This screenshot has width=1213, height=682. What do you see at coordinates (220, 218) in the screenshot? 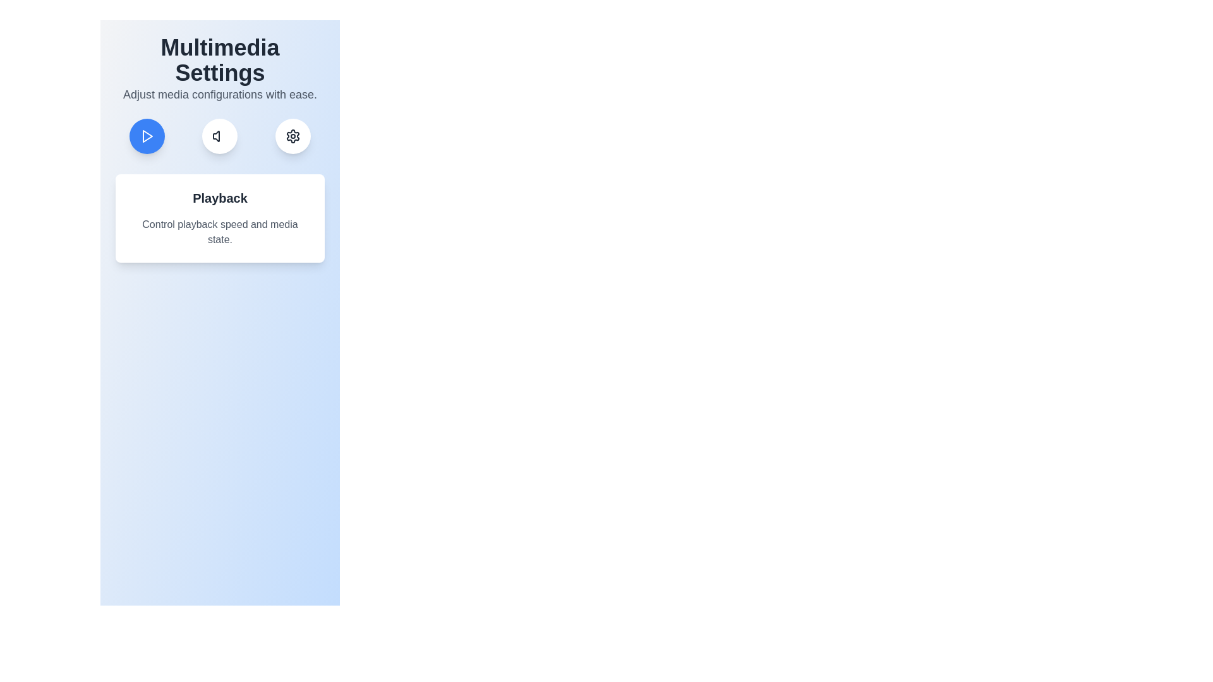
I see `the text content area to select a word` at bounding box center [220, 218].